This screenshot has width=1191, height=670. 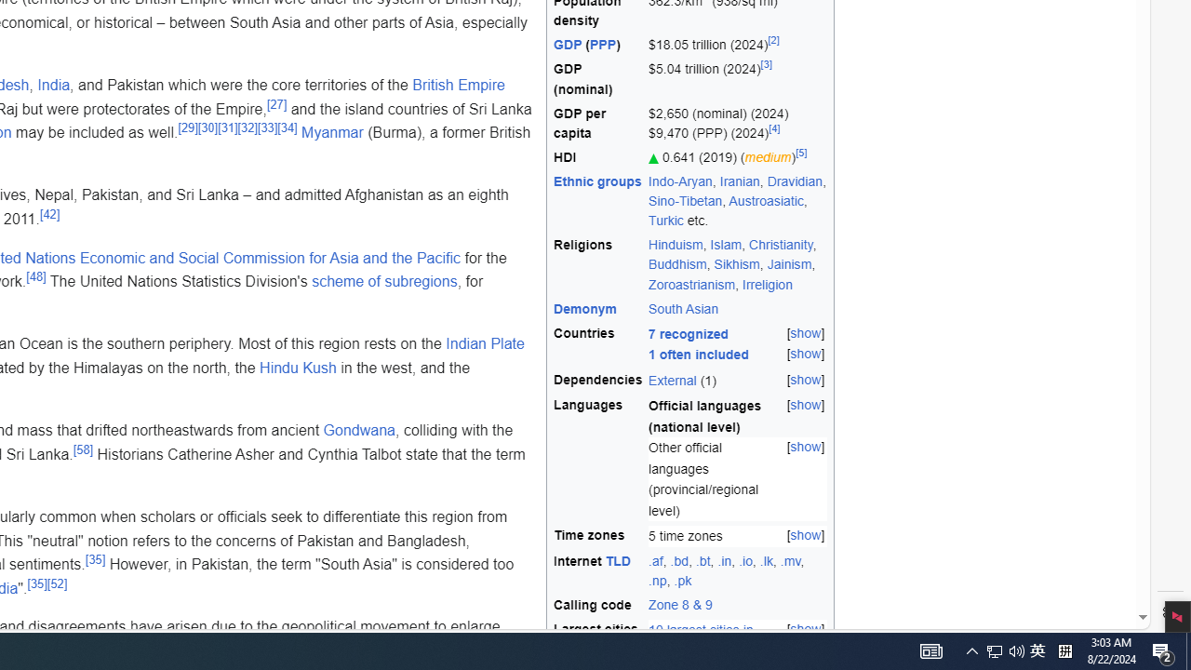 I want to click on '[5]', so click(x=801, y=152).